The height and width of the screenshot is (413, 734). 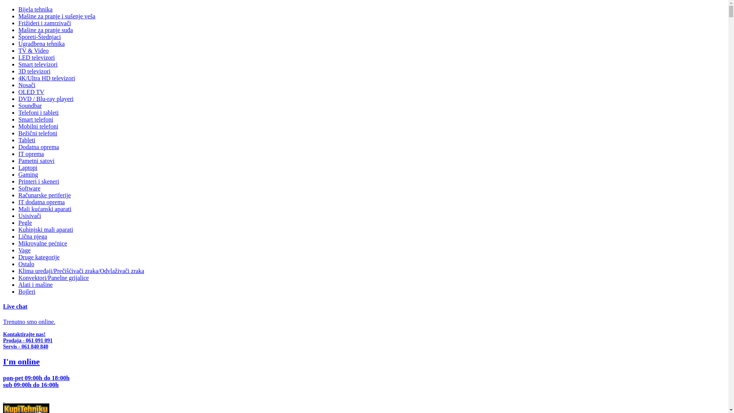 What do you see at coordinates (41, 202) in the screenshot?
I see `'IT dodatna oprema'` at bounding box center [41, 202].